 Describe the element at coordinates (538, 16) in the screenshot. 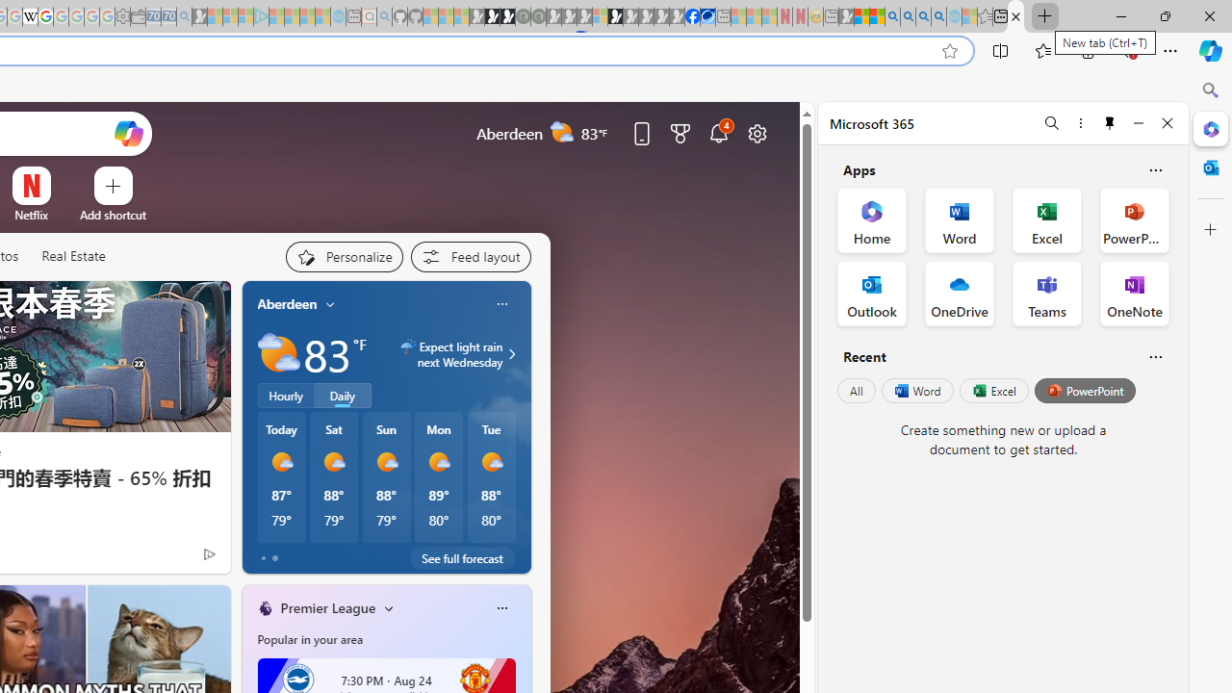

I see `'Future Focus Report 2024 - Sleeping'` at that location.